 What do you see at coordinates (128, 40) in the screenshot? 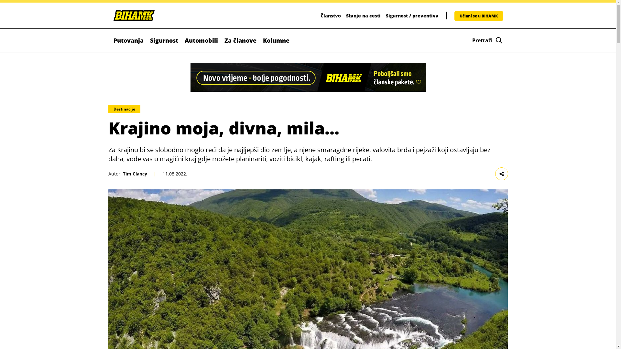
I see `'Putovanja'` at bounding box center [128, 40].